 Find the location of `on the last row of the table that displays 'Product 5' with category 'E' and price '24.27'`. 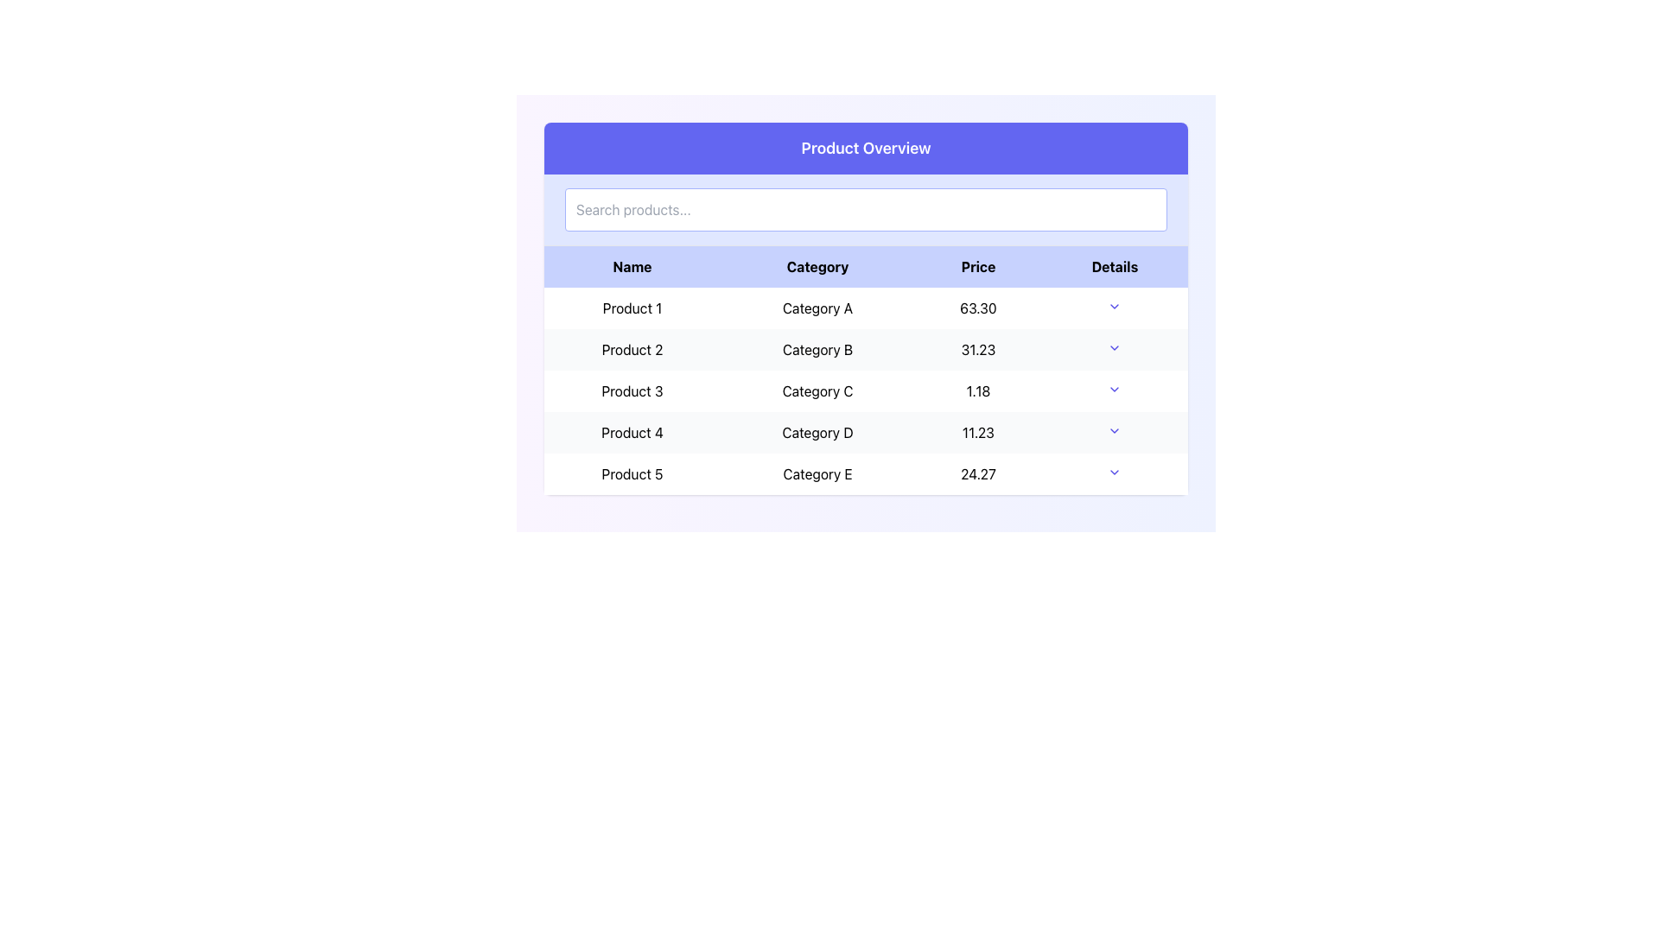

on the last row of the table that displays 'Product 5' with category 'E' and price '24.27' is located at coordinates (866, 473).